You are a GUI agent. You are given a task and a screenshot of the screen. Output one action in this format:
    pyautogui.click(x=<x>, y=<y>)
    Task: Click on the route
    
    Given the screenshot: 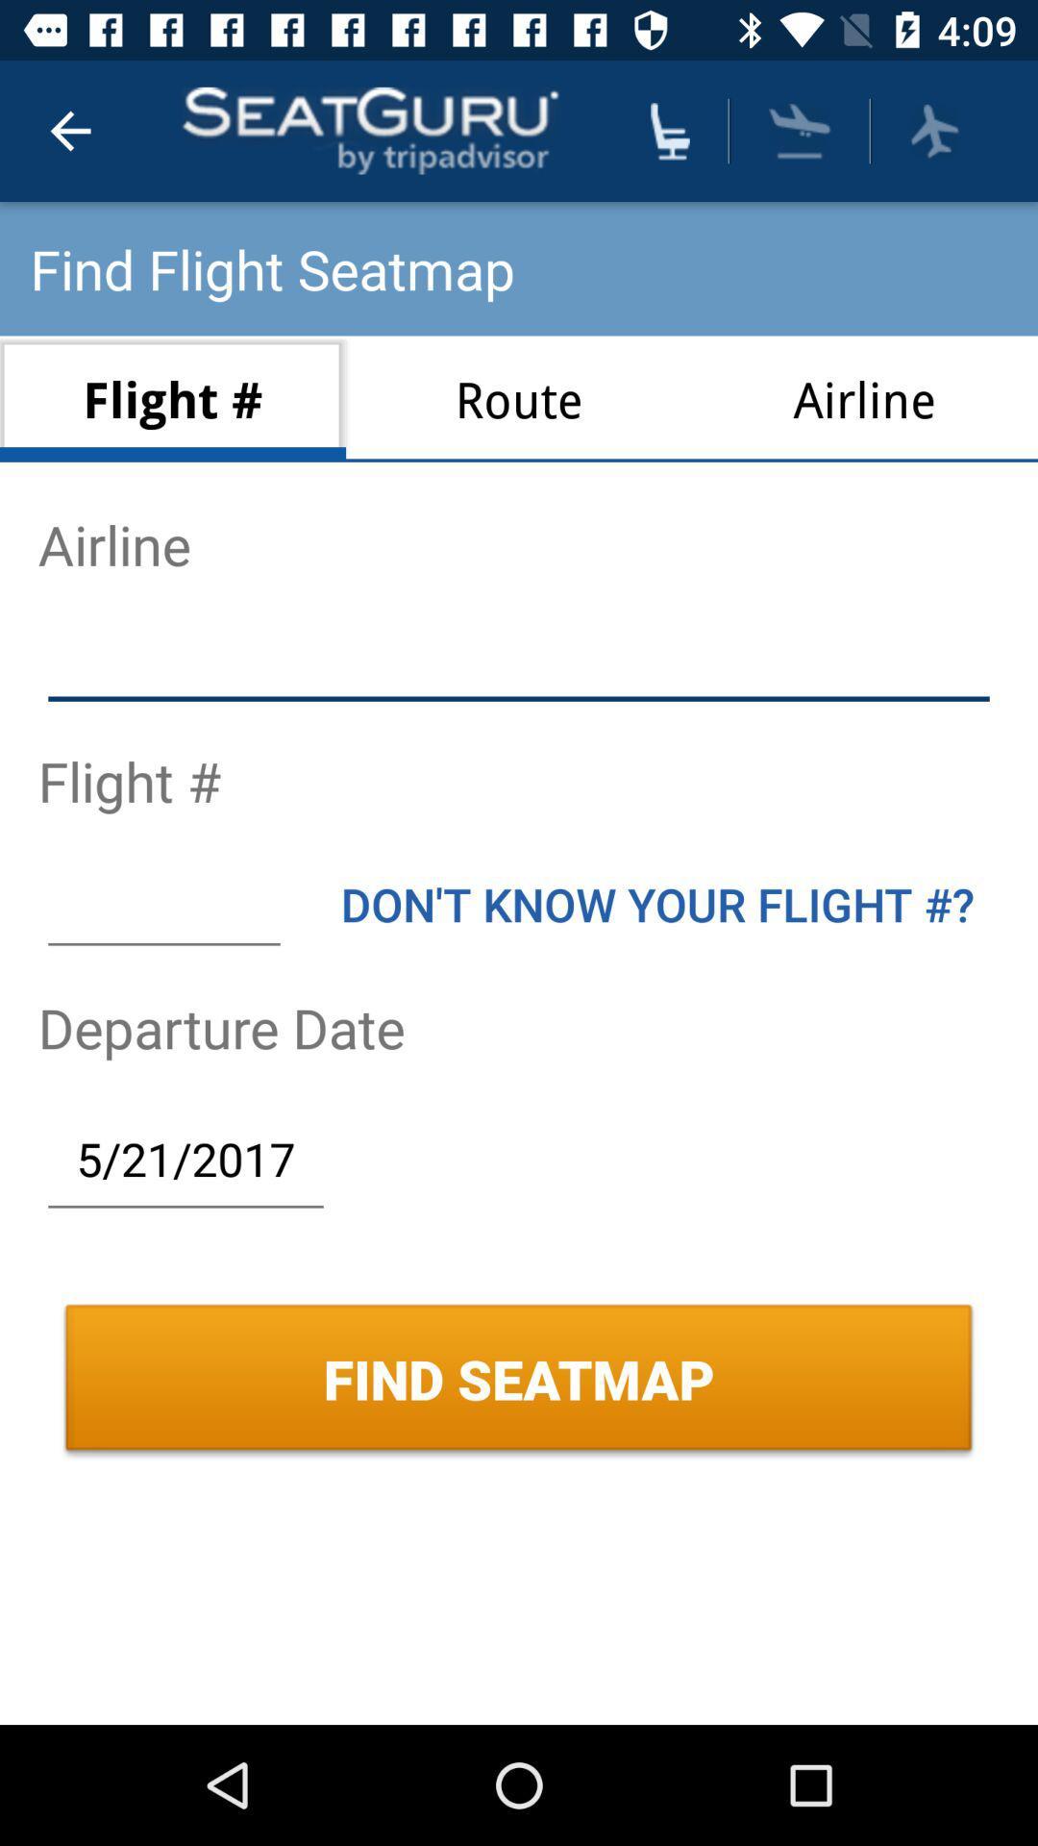 What is the action you would take?
    pyautogui.click(x=519, y=398)
    